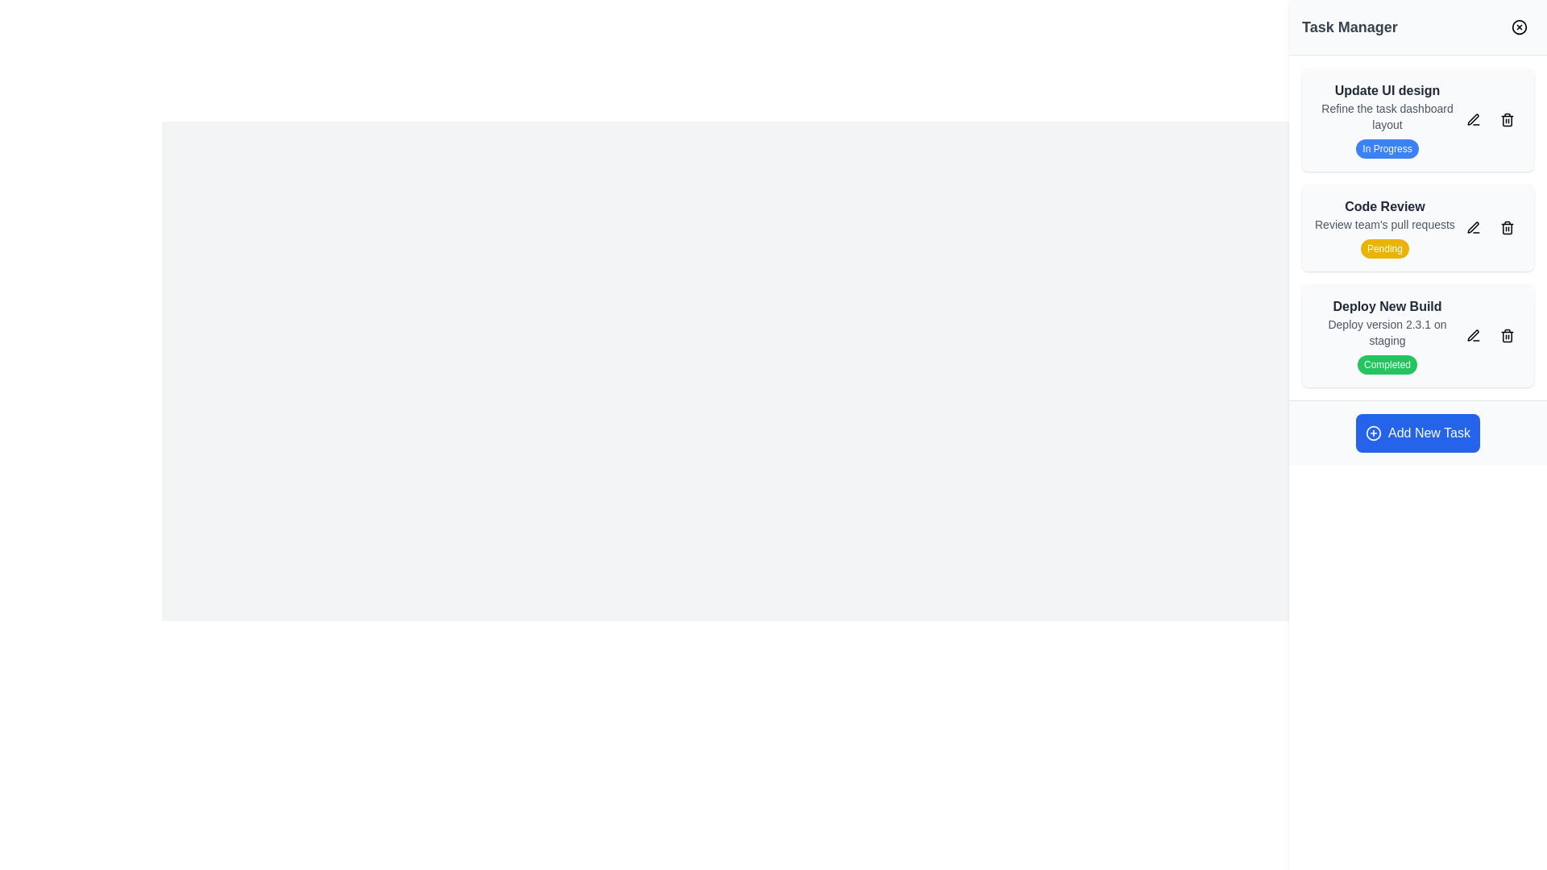  What do you see at coordinates (1507, 227) in the screenshot?
I see `the delete button for the 'Code Review' task` at bounding box center [1507, 227].